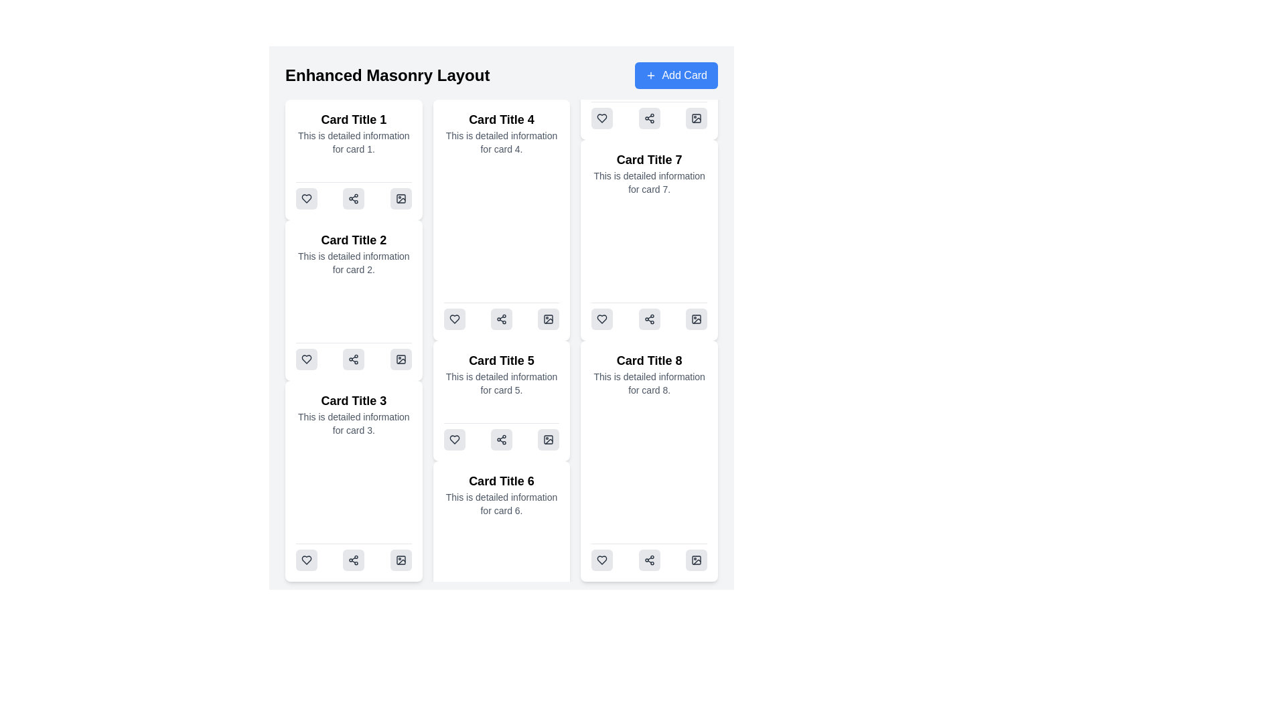  Describe the element at coordinates (500, 360) in the screenshot. I see `the text element displaying 'Card Title 5', which is the title of the second card in the second column of a masonry grid layout` at that location.